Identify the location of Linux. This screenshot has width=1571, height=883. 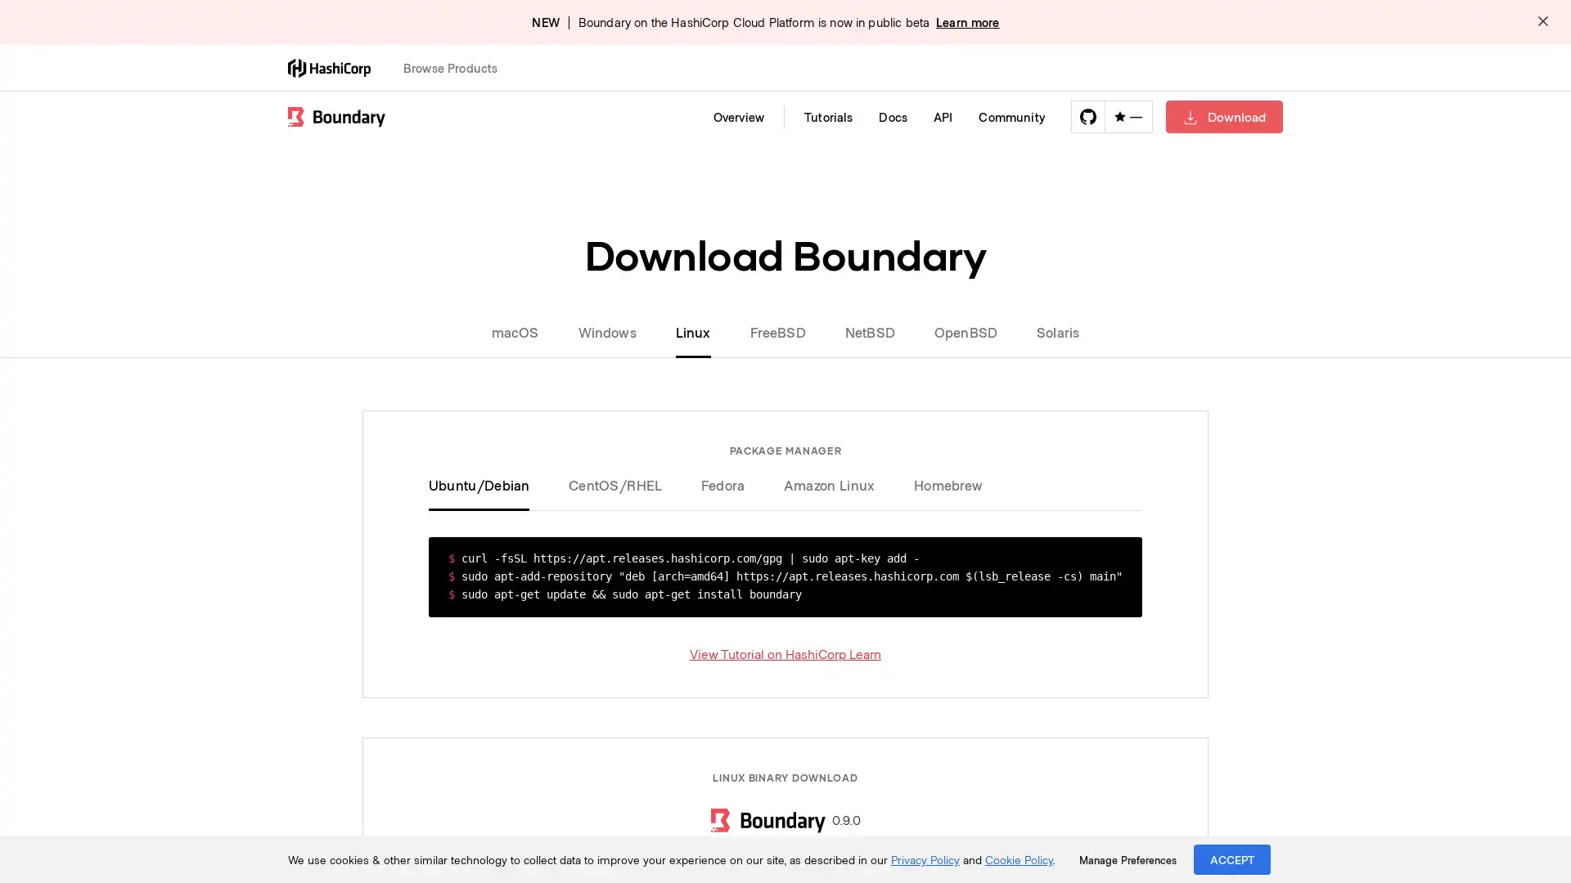
(692, 331).